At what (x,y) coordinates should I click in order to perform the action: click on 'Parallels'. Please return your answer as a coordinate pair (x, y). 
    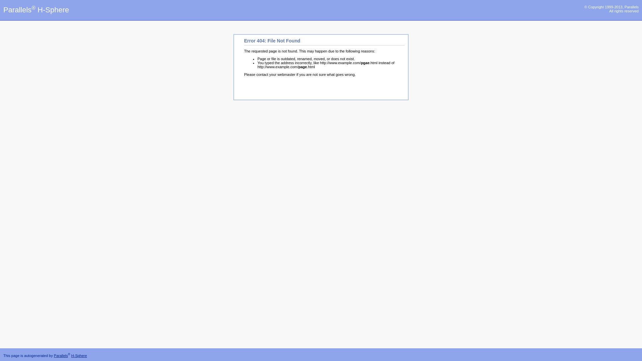
    Looking at the image, I should click on (54, 355).